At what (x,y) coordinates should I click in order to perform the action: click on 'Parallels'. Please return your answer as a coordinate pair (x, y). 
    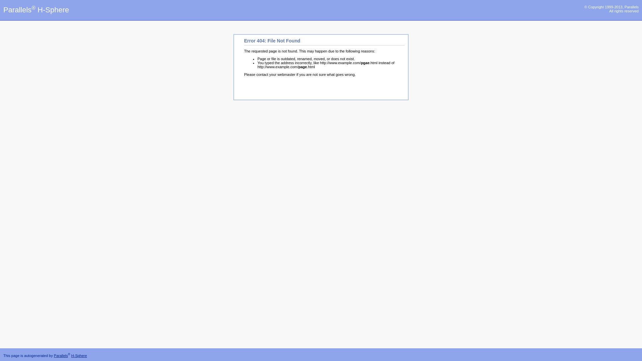
    Looking at the image, I should click on (54, 355).